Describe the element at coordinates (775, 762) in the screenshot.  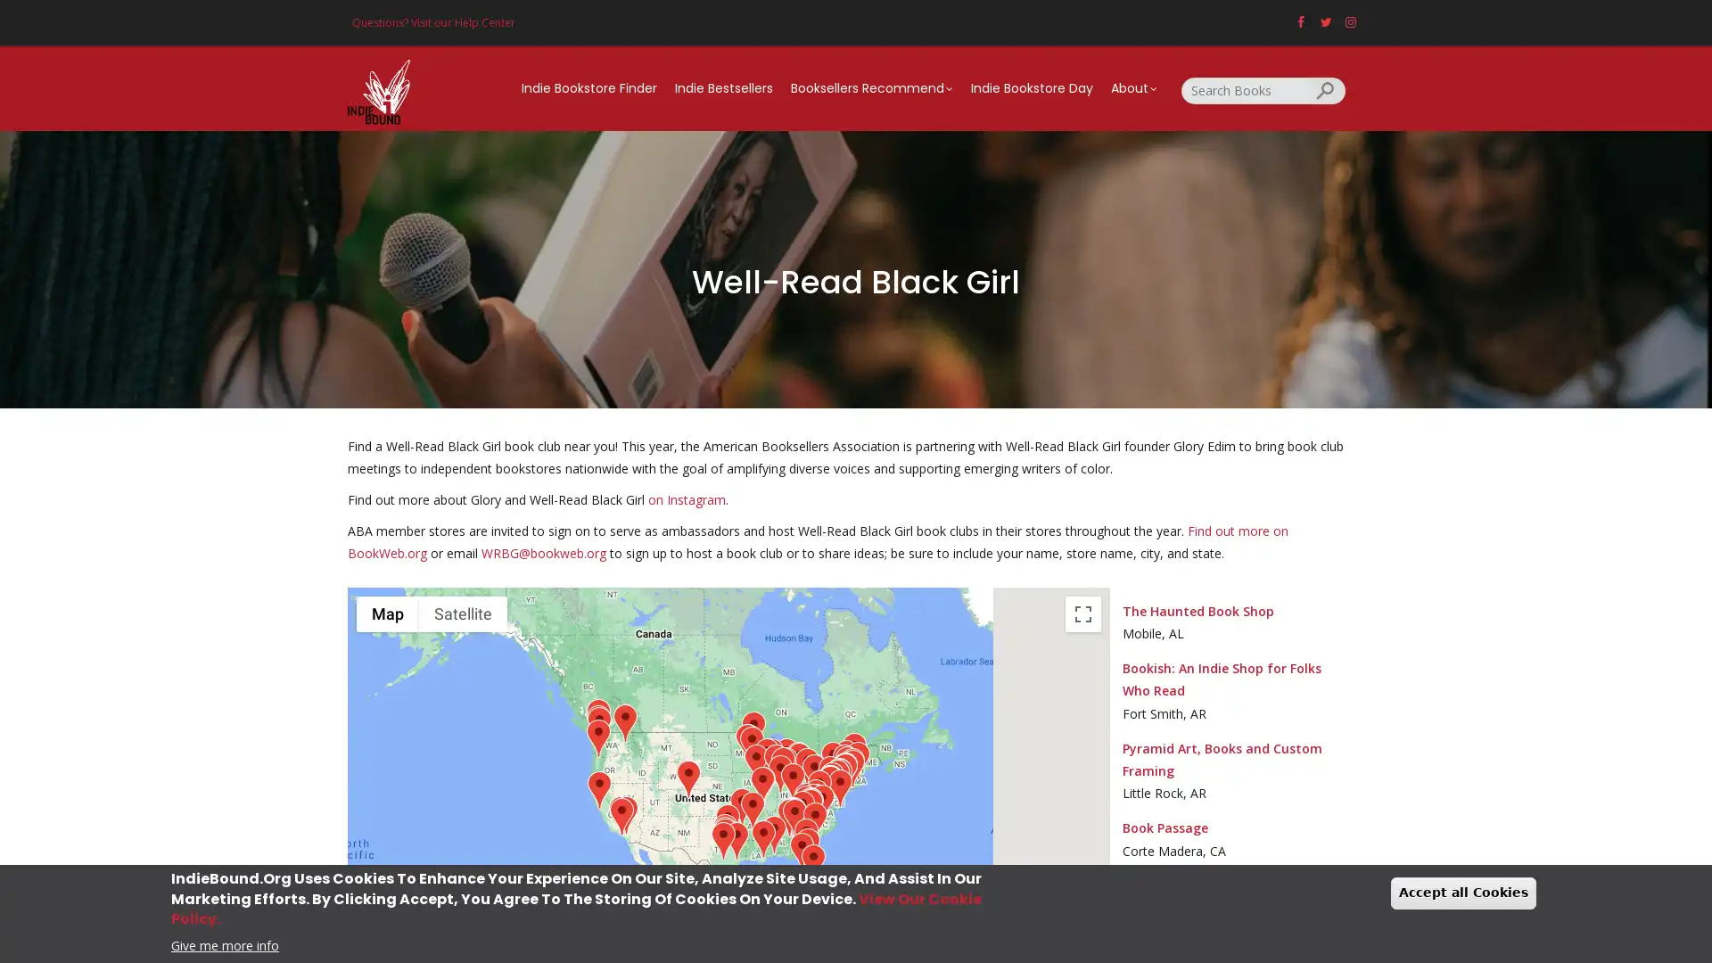
I see `Bookends & Beginnings` at that location.